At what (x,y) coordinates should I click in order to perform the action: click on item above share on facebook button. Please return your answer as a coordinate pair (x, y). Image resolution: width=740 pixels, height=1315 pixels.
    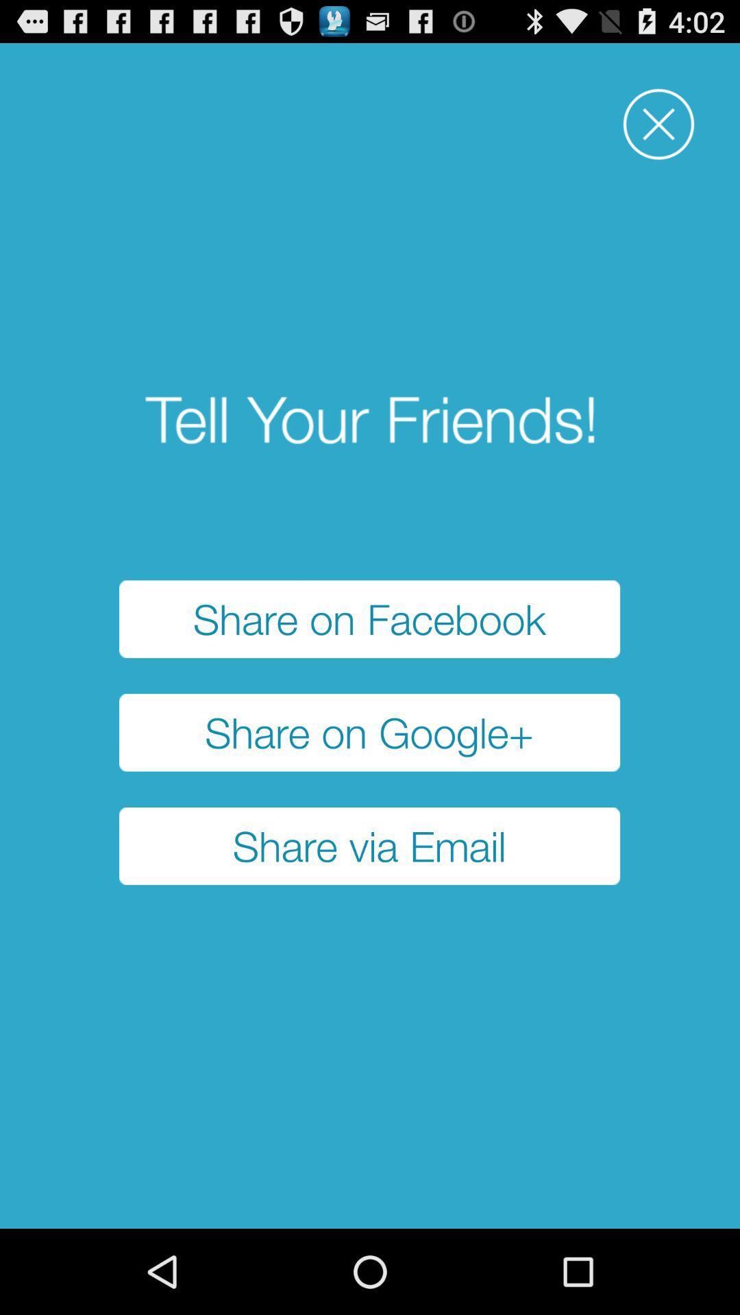
    Looking at the image, I should click on (658, 124).